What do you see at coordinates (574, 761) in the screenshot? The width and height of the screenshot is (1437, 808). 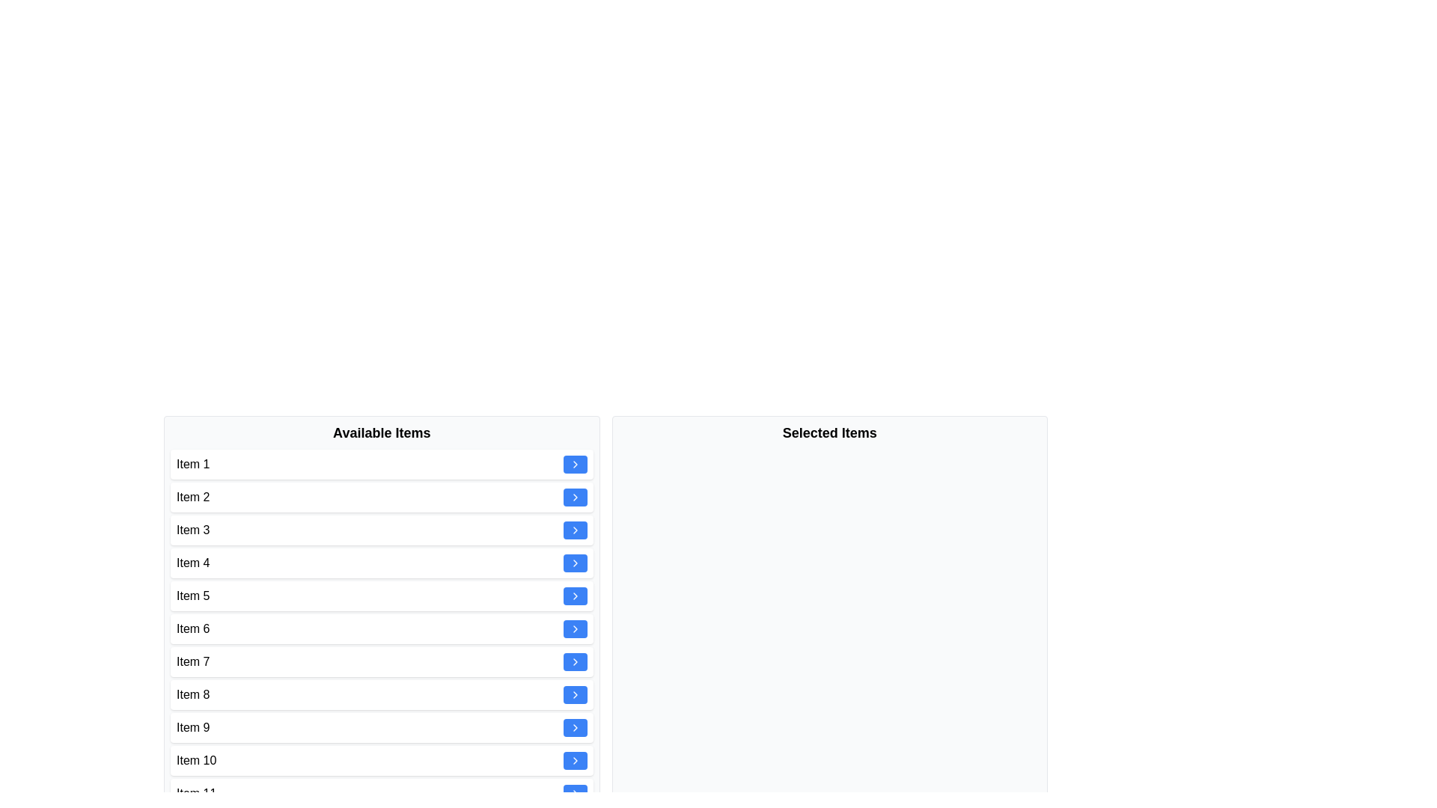 I see `the small rectangular button with a blue background and a white chevron icon, located on the right side of the row labeled 'Item 10'` at bounding box center [574, 761].